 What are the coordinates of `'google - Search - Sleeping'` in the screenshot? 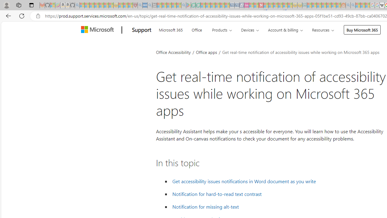 It's located at (184, 5).